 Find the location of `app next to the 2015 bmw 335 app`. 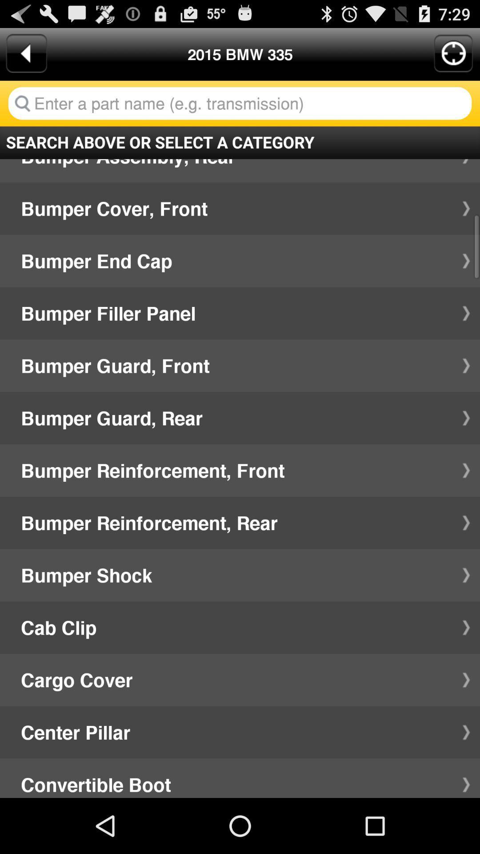

app next to the 2015 bmw 335 app is located at coordinates (26, 53).